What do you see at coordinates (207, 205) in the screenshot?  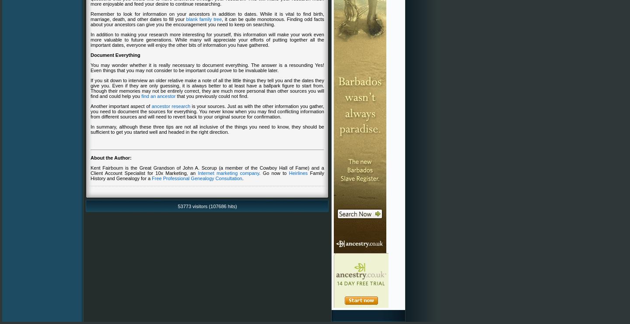 I see `'53773 visitors (107686 hits)'` at bounding box center [207, 205].